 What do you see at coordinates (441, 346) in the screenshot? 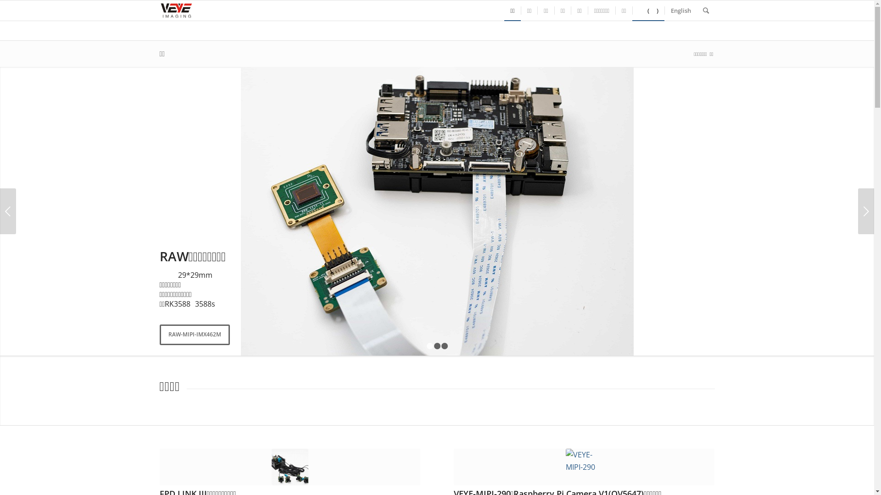
I see `'3'` at bounding box center [441, 346].